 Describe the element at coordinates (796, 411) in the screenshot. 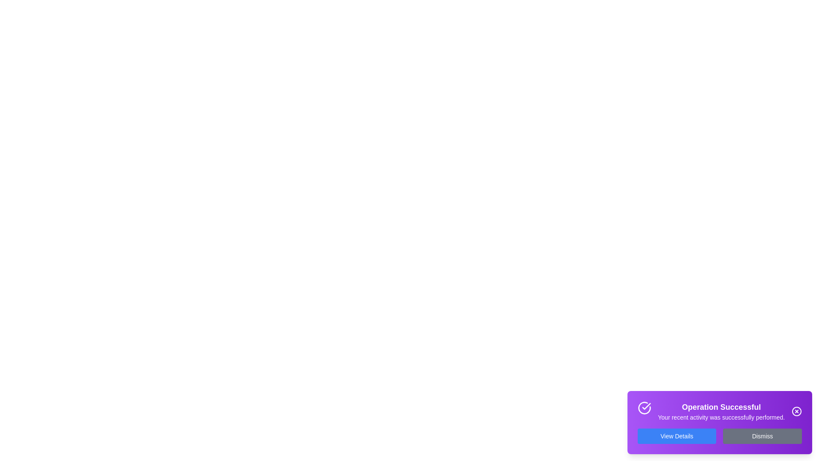

I see `the close button to dismiss the alert` at that location.